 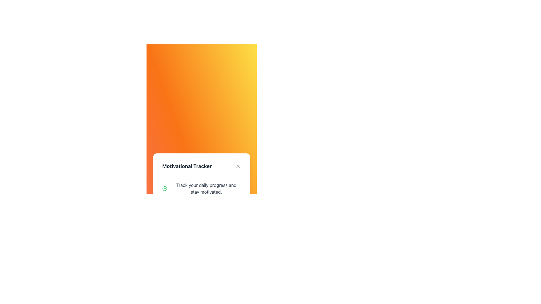 What do you see at coordinates (201, 188) in the screenshot?
I see `text 'Track your daily progress and stay motivated.' from the first item in the Motivational Tracker section, which is accompanied by a green circular checkmark icon` at bounding box center [201, 188].